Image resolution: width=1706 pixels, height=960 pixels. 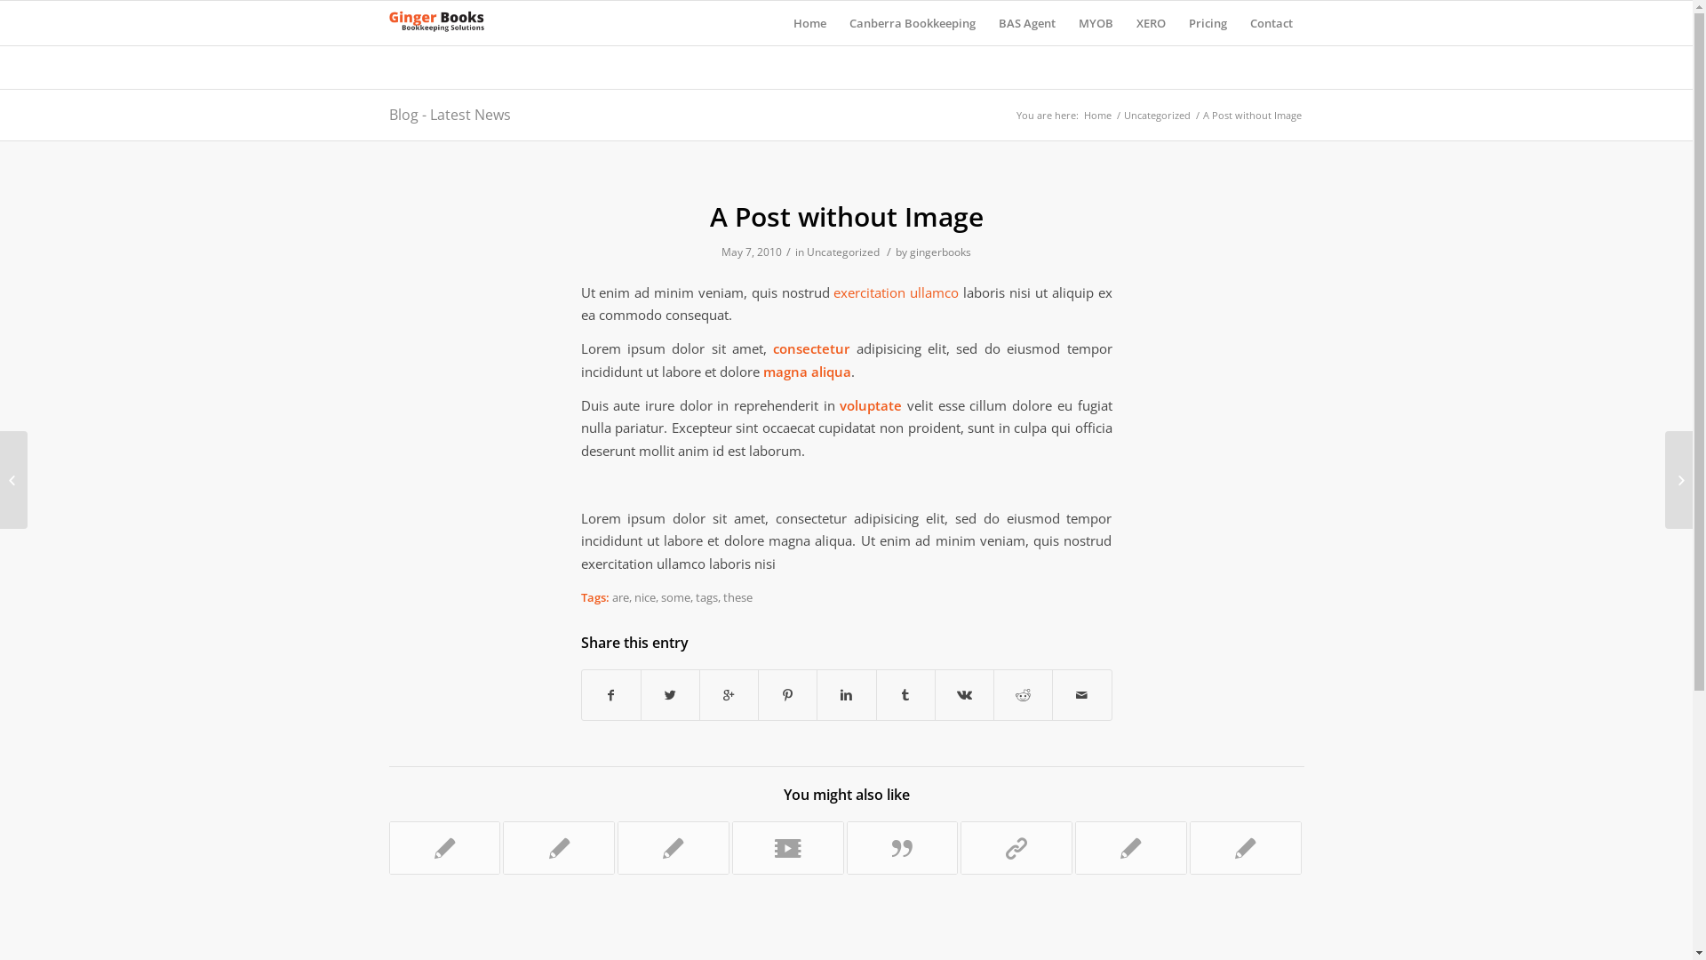 What do you see at coordinates (705, 596) in the screenshot?
I see `'tags'` at bounding box center [705, 596].